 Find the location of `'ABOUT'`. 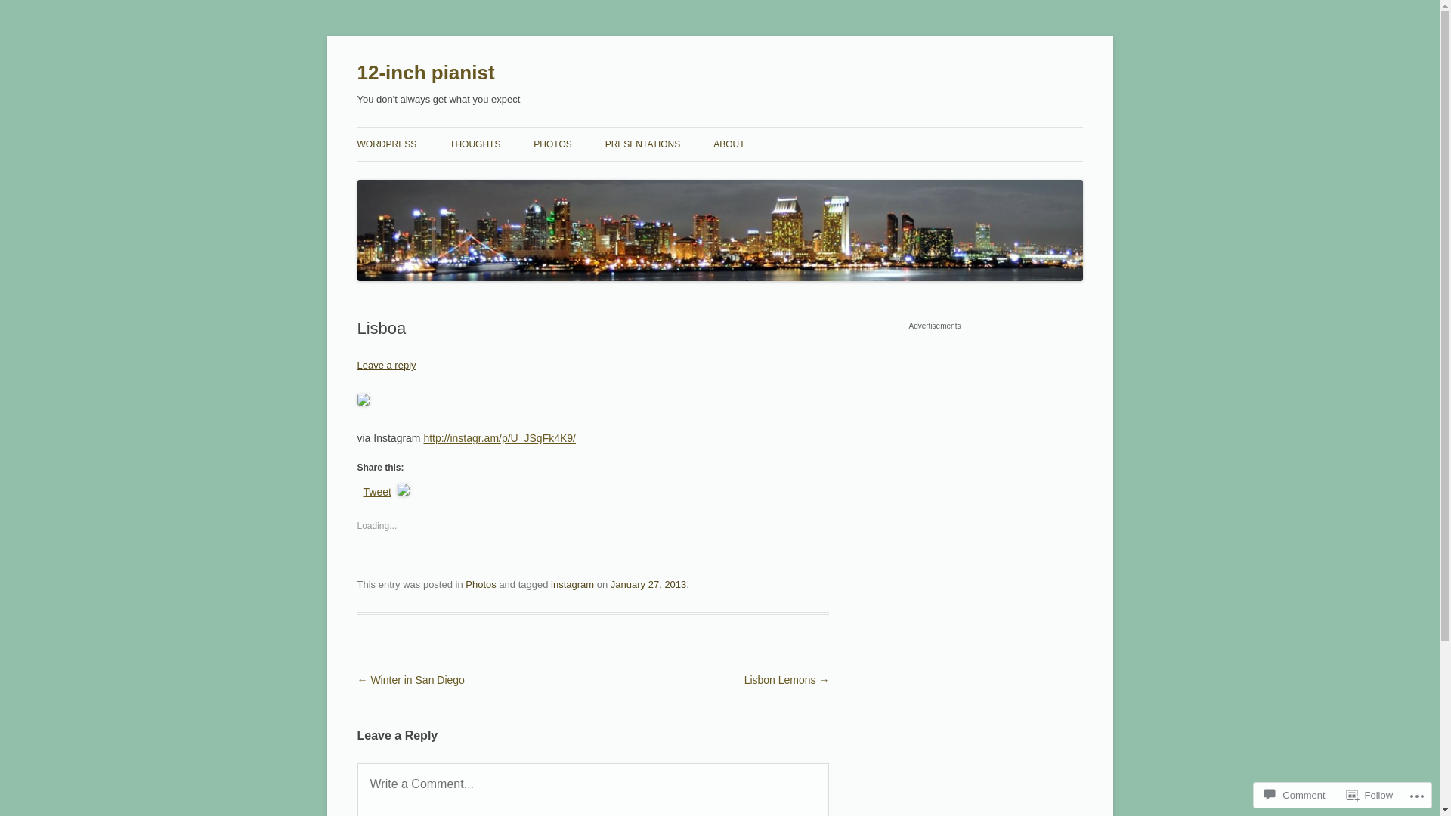

'ABOUT' is located at coordinates (729, 144).